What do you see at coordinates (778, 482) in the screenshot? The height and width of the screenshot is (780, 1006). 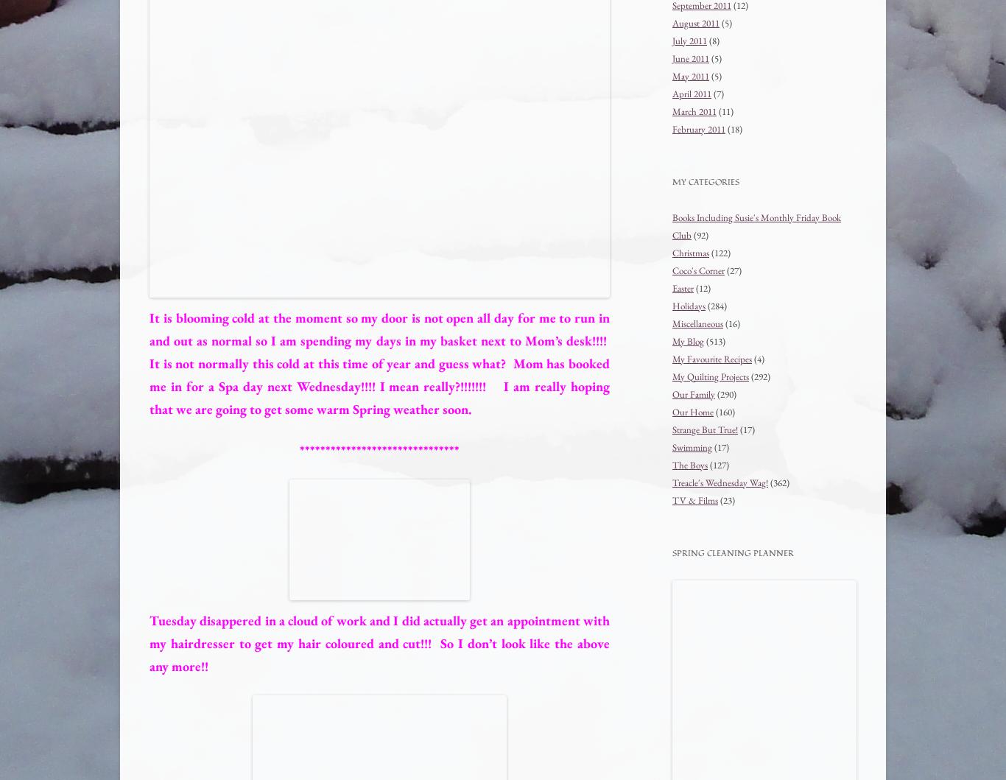 I see `'(362)'` at bounding box center [778, 482].